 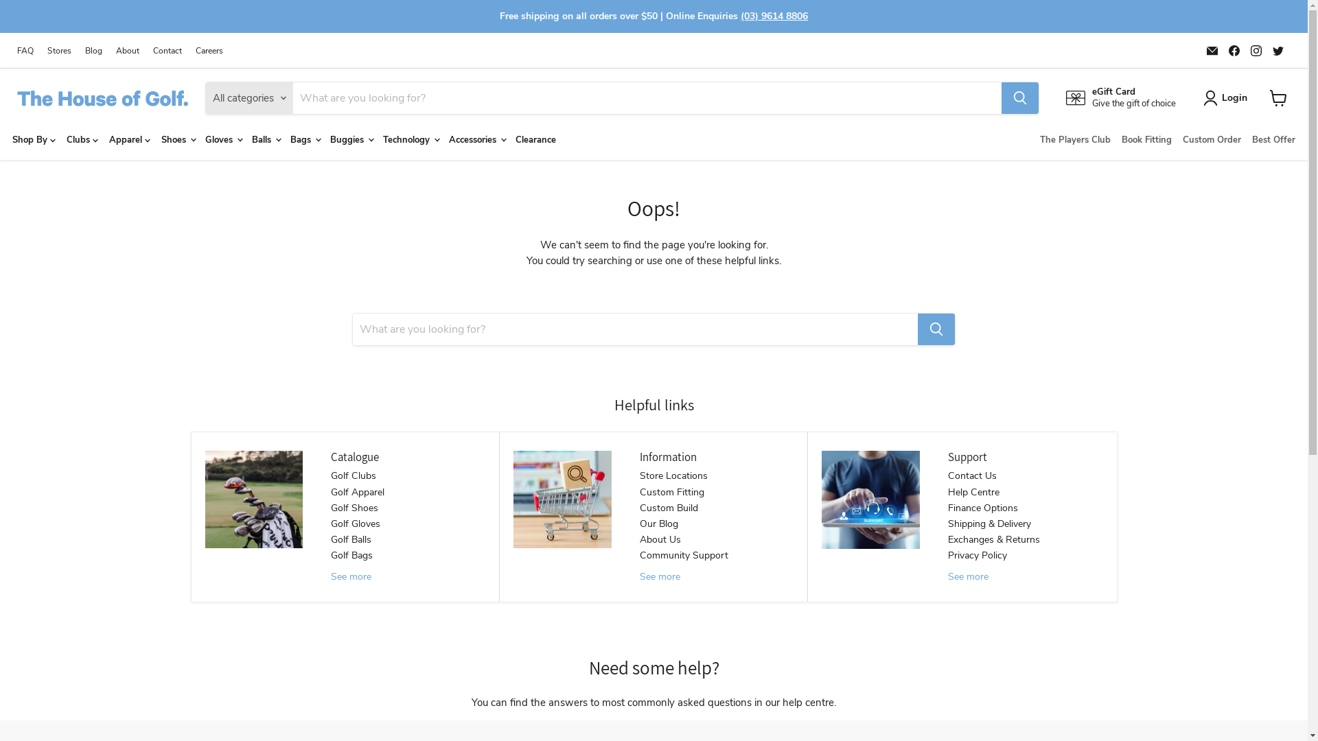 I want to click on 'Golf Gloves', so click(x=356, y=524).